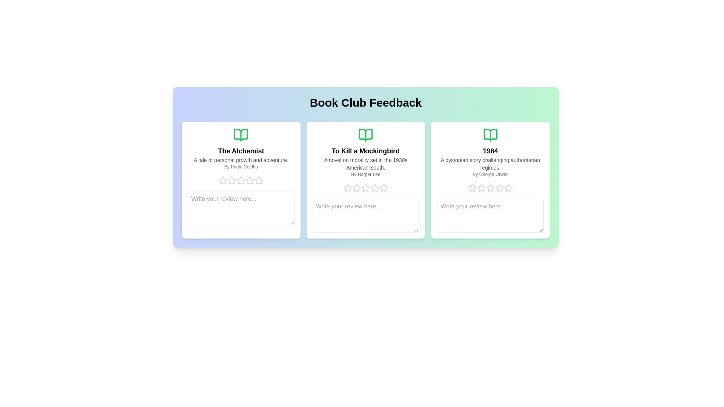  Describe the element at coordinates (365, 187) in the screenshot. I see `one of the rating stars in the 'Book Club Feedback' section for 'To Kill a Mockingbird'` at that location.